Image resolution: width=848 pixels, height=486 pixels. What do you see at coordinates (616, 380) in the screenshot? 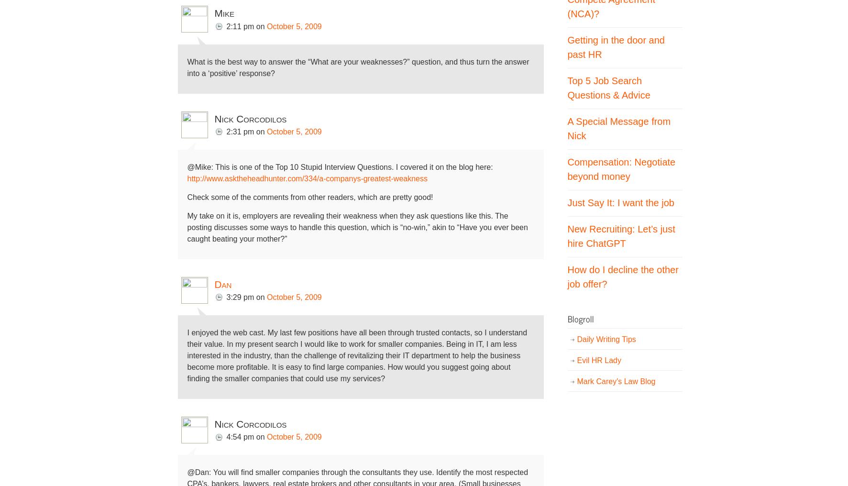
I see `'Mark Carey's Law Blog'` at bounding box center [616, 380].